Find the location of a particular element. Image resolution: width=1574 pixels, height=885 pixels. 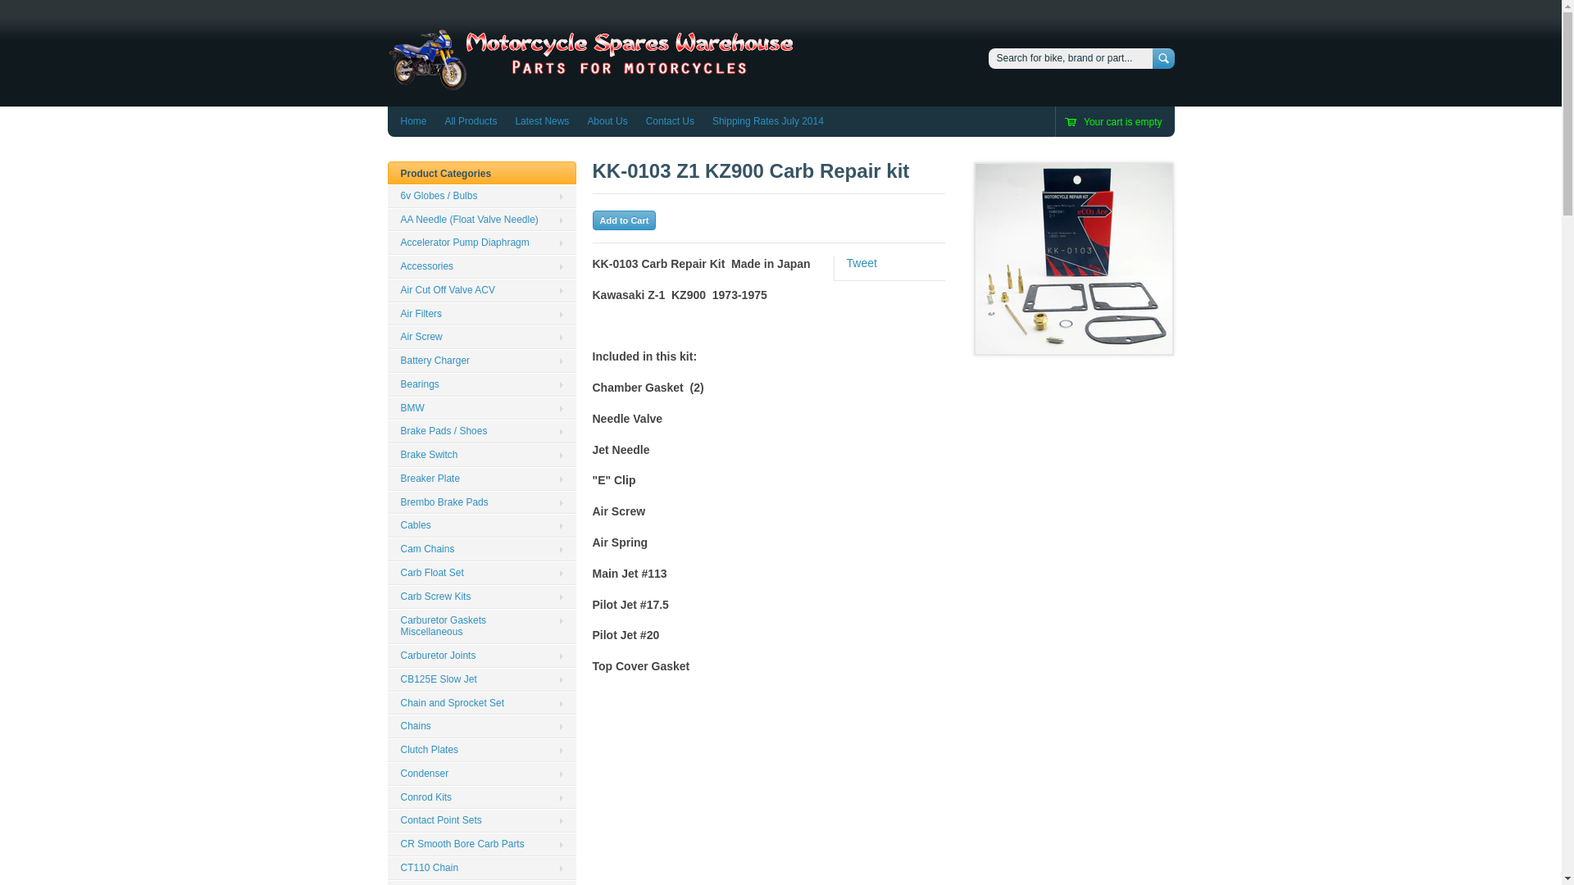

'Tweet' is located at coordinates (860, 261).